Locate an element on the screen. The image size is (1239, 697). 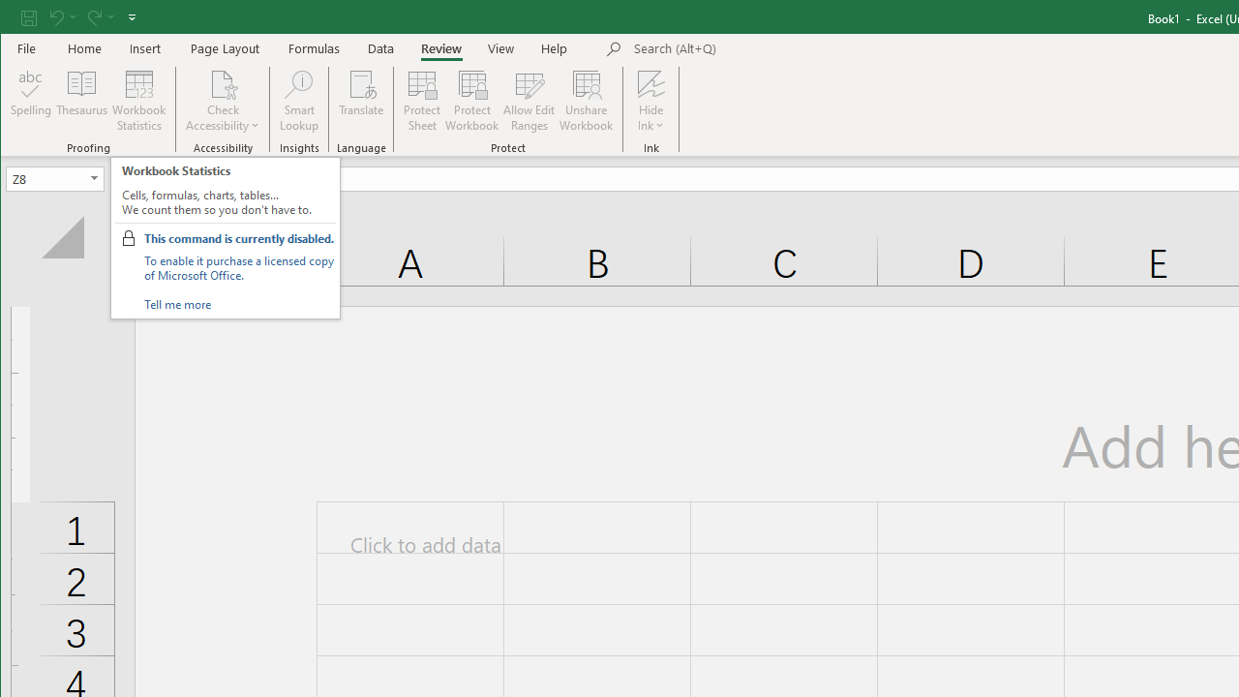
'Review' is located at coordinates (440, 47).